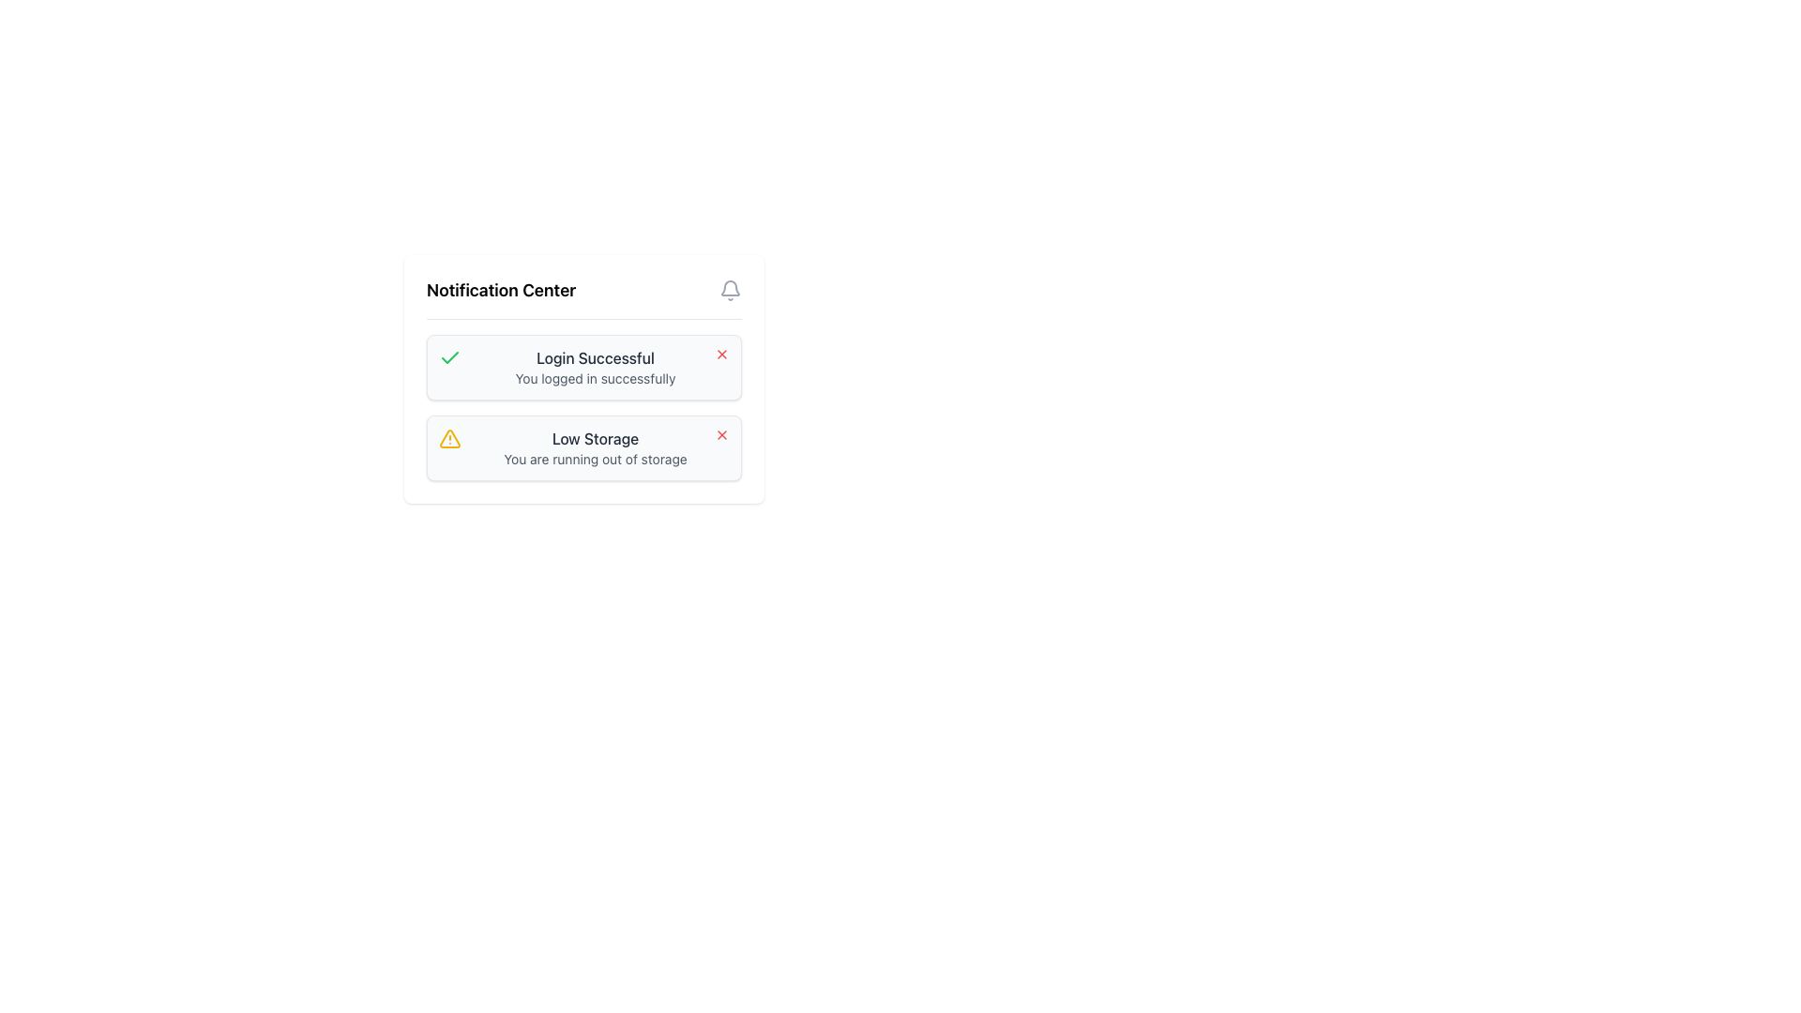  I want to click on the alert icon indicating 'Low Storage' located in the 'Notification Center' panel, so click(450, 438).